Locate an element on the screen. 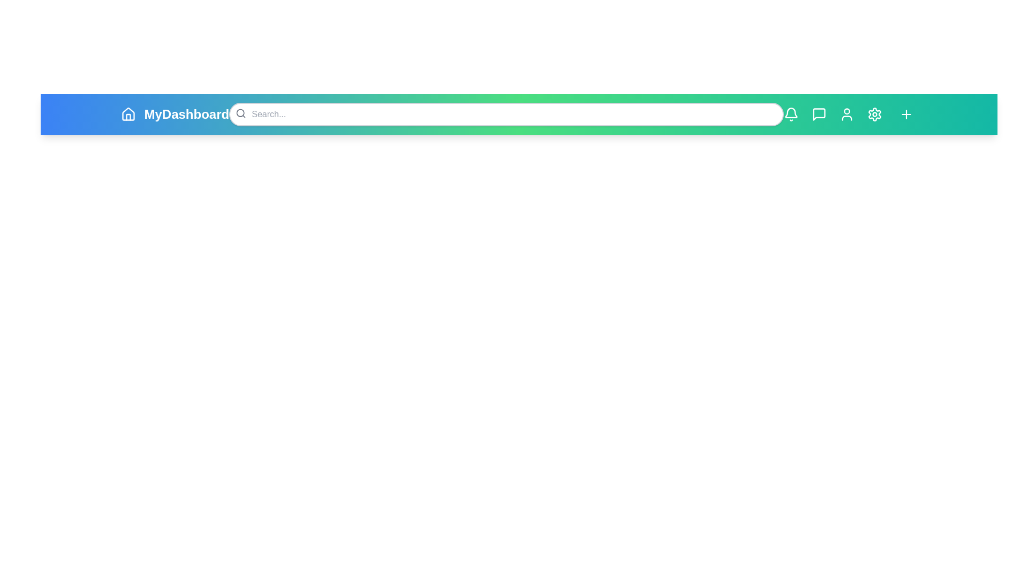 This screenshot has height=578, width=1028. the home icon to navigate to the home page is located at coordinates (128, 114).